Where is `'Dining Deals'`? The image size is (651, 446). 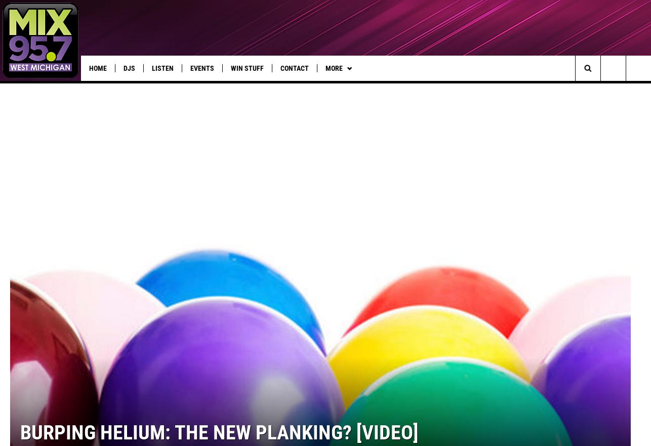
'Dining Deals' is located at coordinates (444, 88).